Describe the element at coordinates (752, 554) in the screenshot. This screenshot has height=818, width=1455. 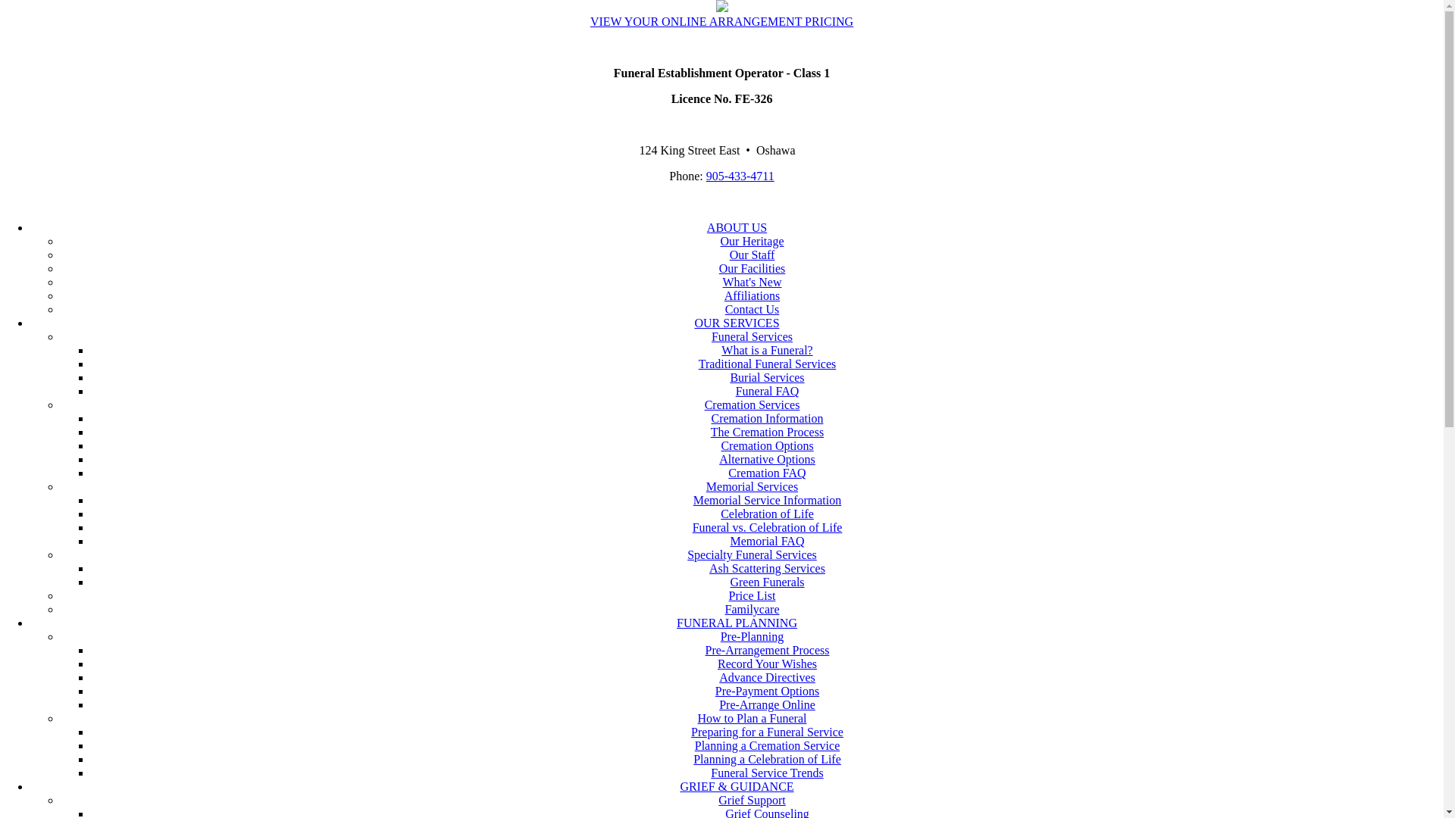
I see `'Specialty Funeral Services'` at that location.